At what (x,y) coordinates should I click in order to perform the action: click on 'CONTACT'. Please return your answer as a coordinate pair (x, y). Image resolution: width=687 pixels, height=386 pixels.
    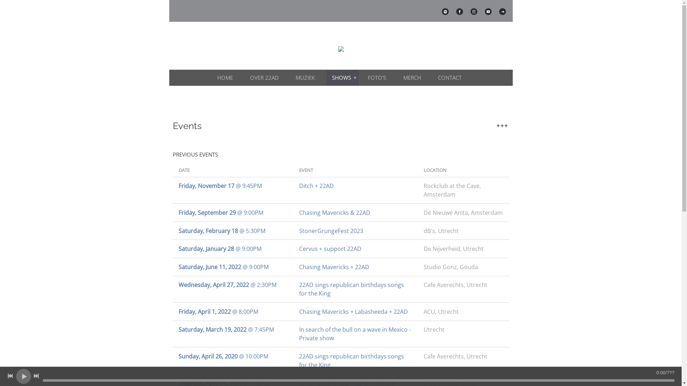
    Looking at the image, I should click on (451, 78).